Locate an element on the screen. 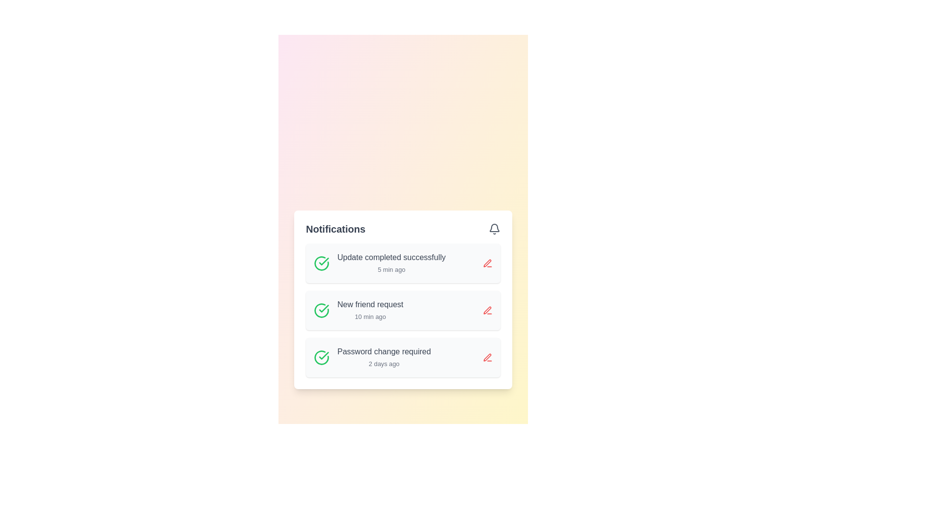 The height and width of the screenshot is (530, 943). the bottom-most notification list item that conveys a password change requirement in the notifications list is located at coordinates (384, 358).